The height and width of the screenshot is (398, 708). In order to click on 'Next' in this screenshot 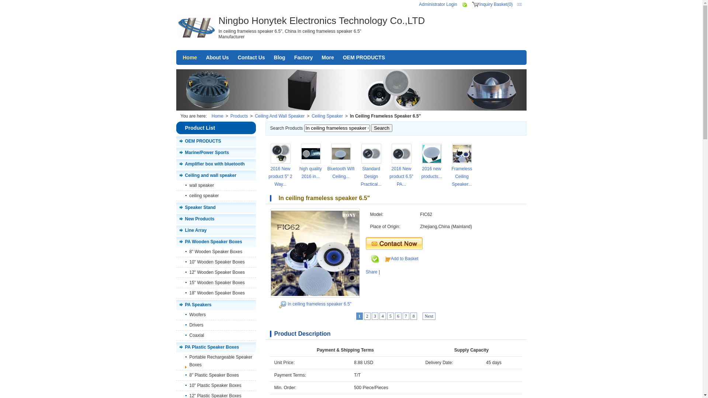, I will do `click(429, 315)`.